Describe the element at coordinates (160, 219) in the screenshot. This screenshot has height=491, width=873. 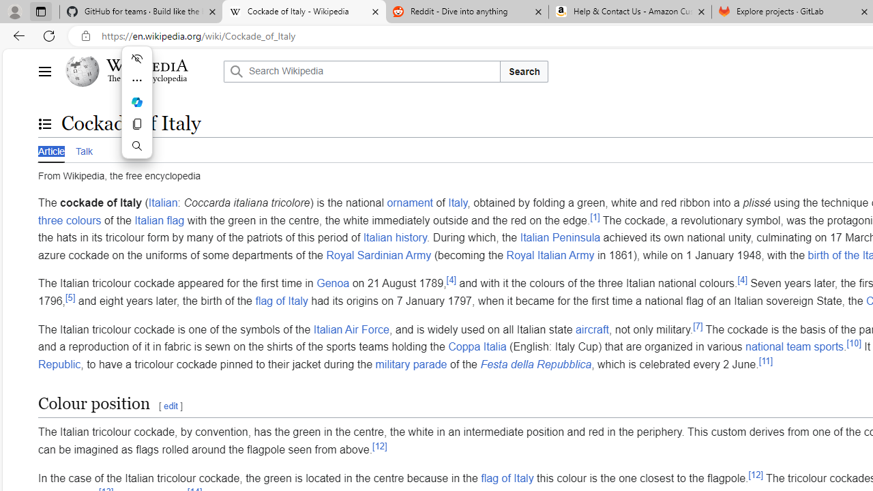
I see `'Italian flag'` at that location.